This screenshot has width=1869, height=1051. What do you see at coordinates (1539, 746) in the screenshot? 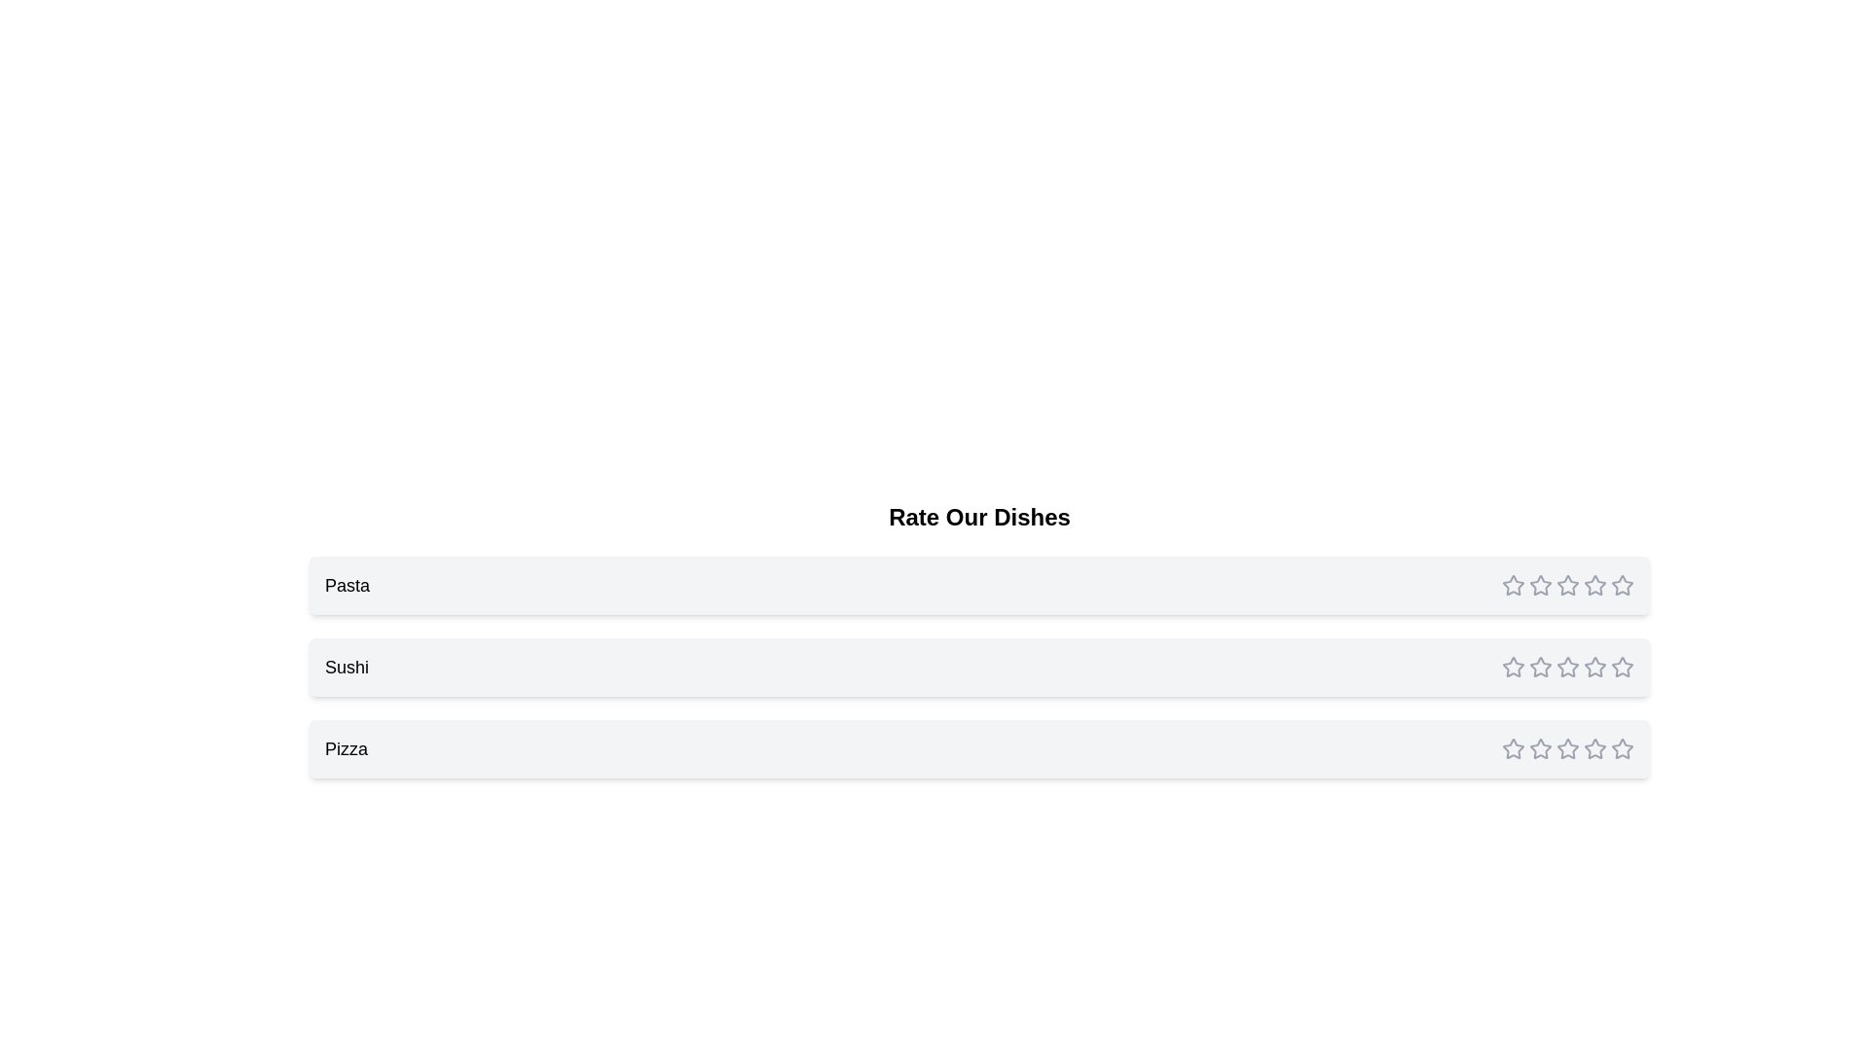
I see `the fifth star icon in the rating system for the Pizza item` at bounding box center [1539, 746].